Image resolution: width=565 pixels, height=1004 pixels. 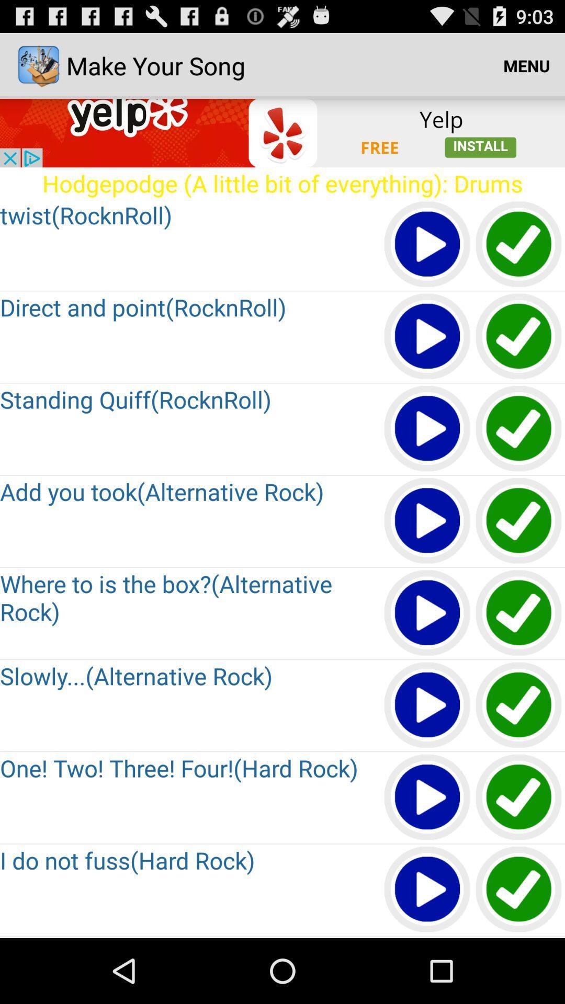 I want to click on song selection, so click(x=519, y=613).